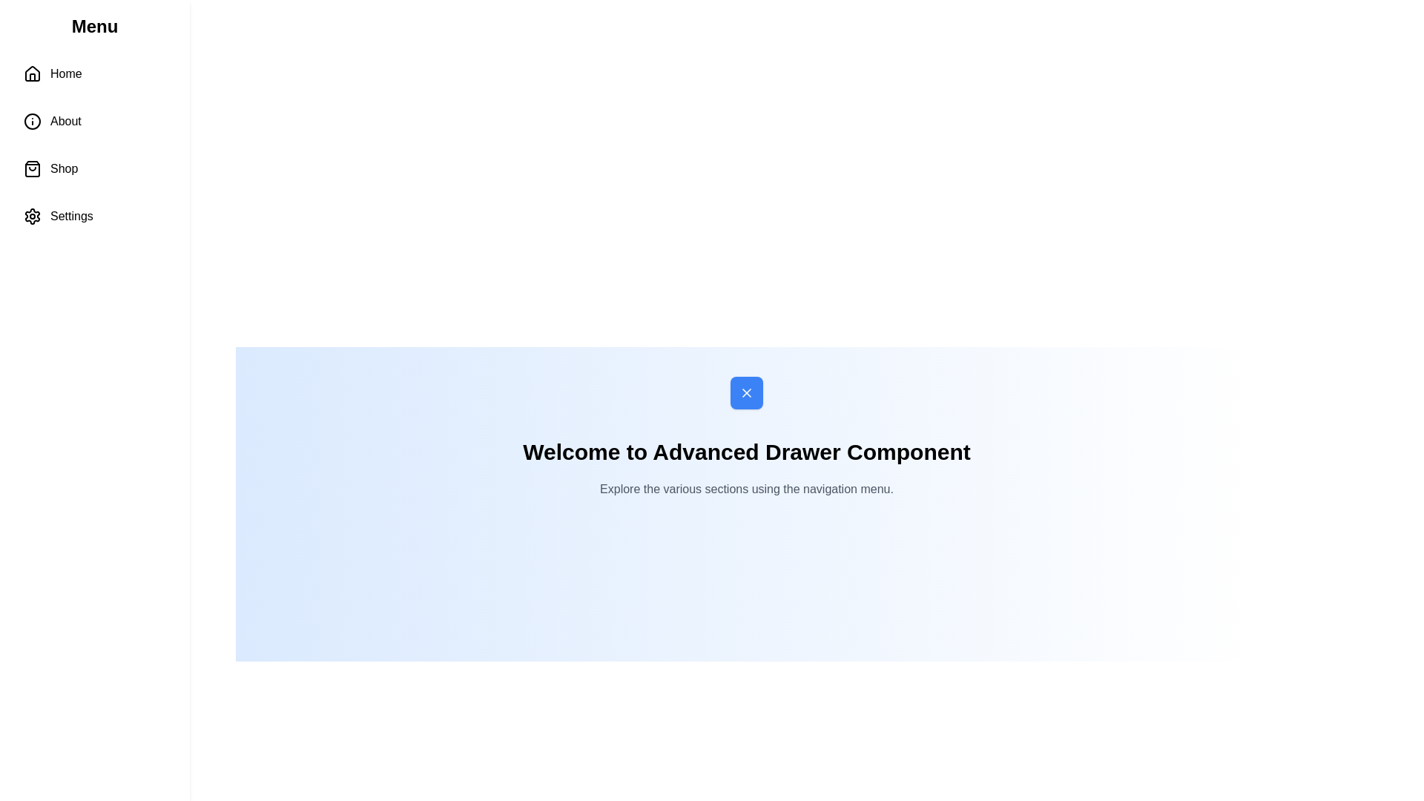 The image size is (1424, 801). Describe the element at coordinates (32, 121) in the screenshot. I see `the SVG Info Icon located in the sidebar menu, which visually represents the 'About' section and is positioned directly before the 'About' text` at that location.